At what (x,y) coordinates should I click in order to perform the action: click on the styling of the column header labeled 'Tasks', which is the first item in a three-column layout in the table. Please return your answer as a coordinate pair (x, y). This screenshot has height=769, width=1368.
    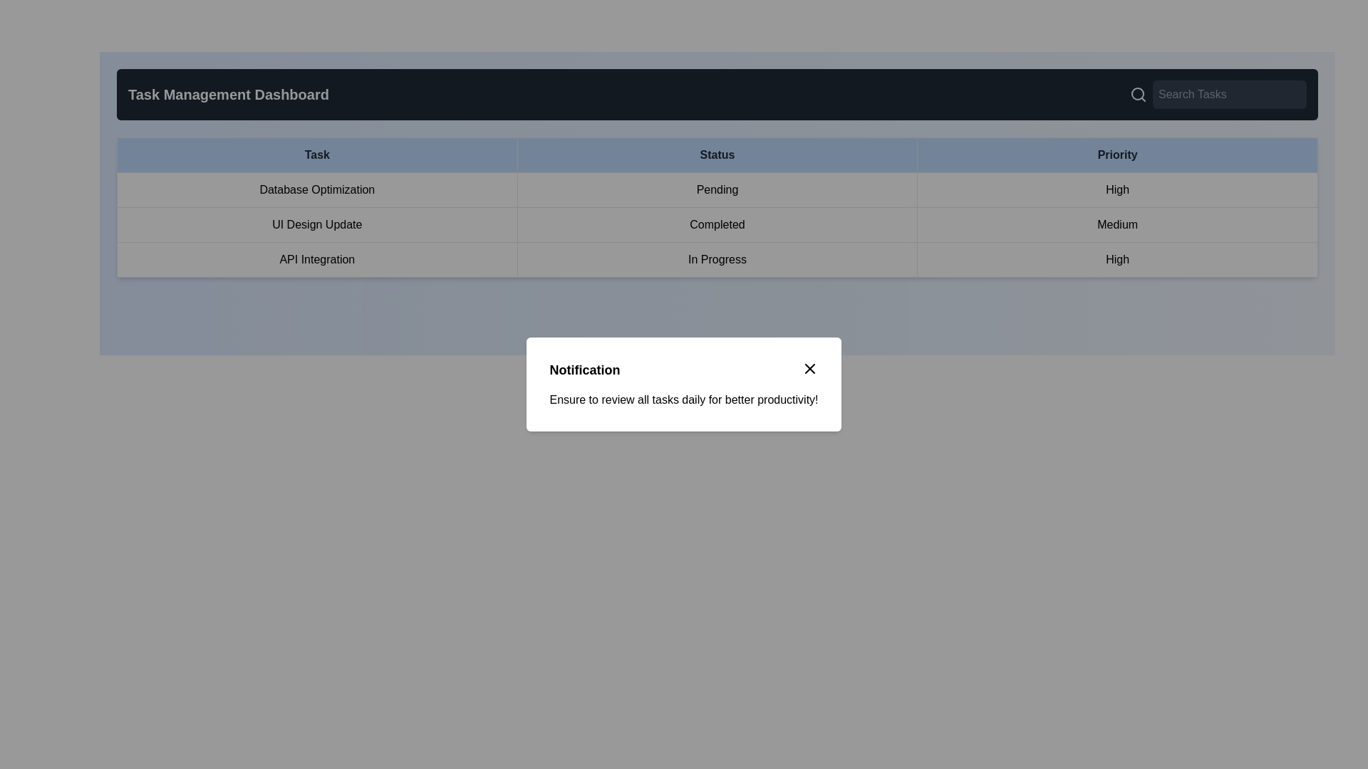
    Looking at the image, I should click on (316, 155).